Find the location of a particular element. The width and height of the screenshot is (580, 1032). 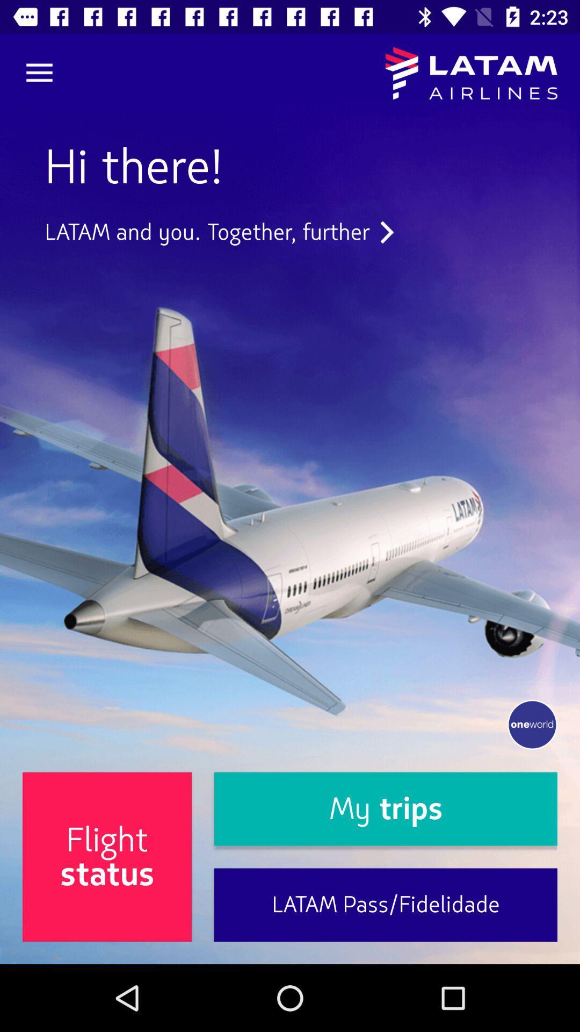

the icon at the top left corner is located at coordinates (39, 73).